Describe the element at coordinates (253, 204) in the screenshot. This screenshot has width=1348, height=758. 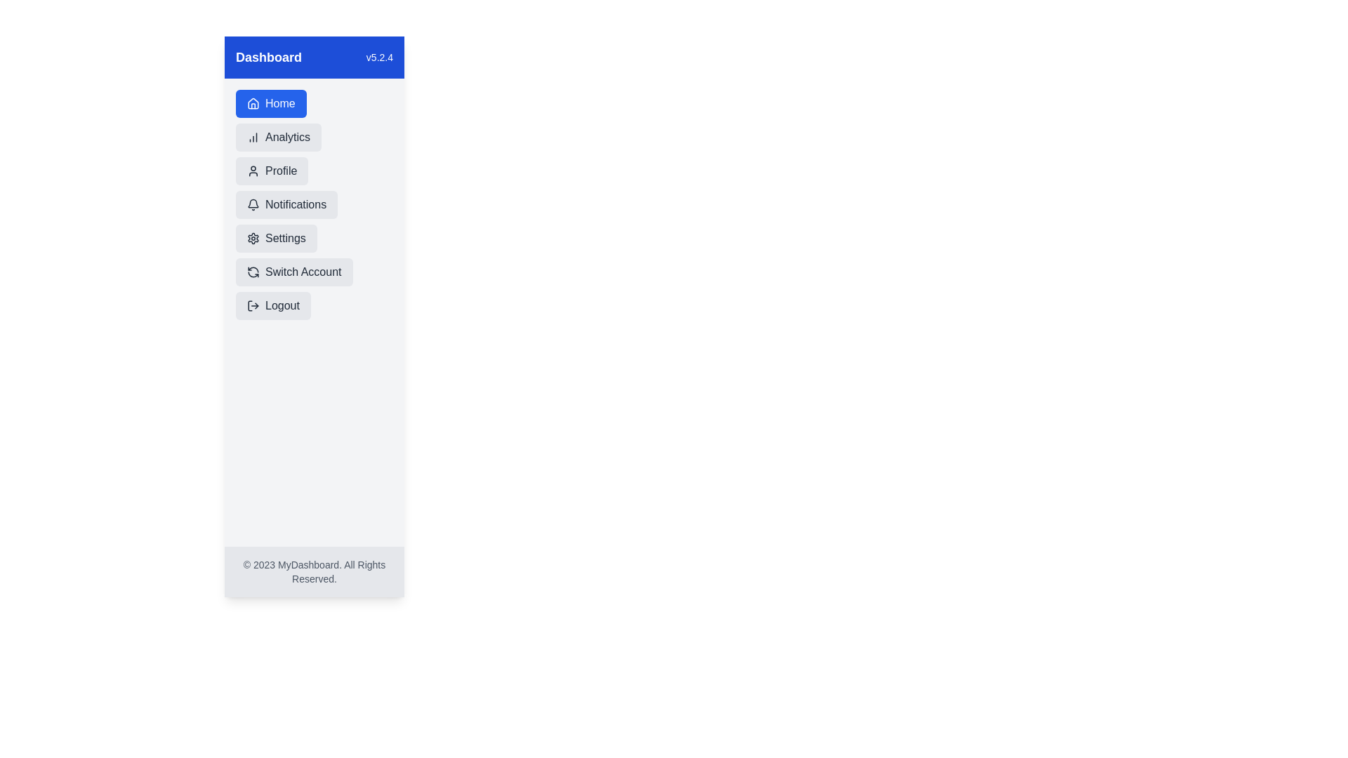
I see `the bell icon located fourth from the top in the vertical navigation menu` at that location.